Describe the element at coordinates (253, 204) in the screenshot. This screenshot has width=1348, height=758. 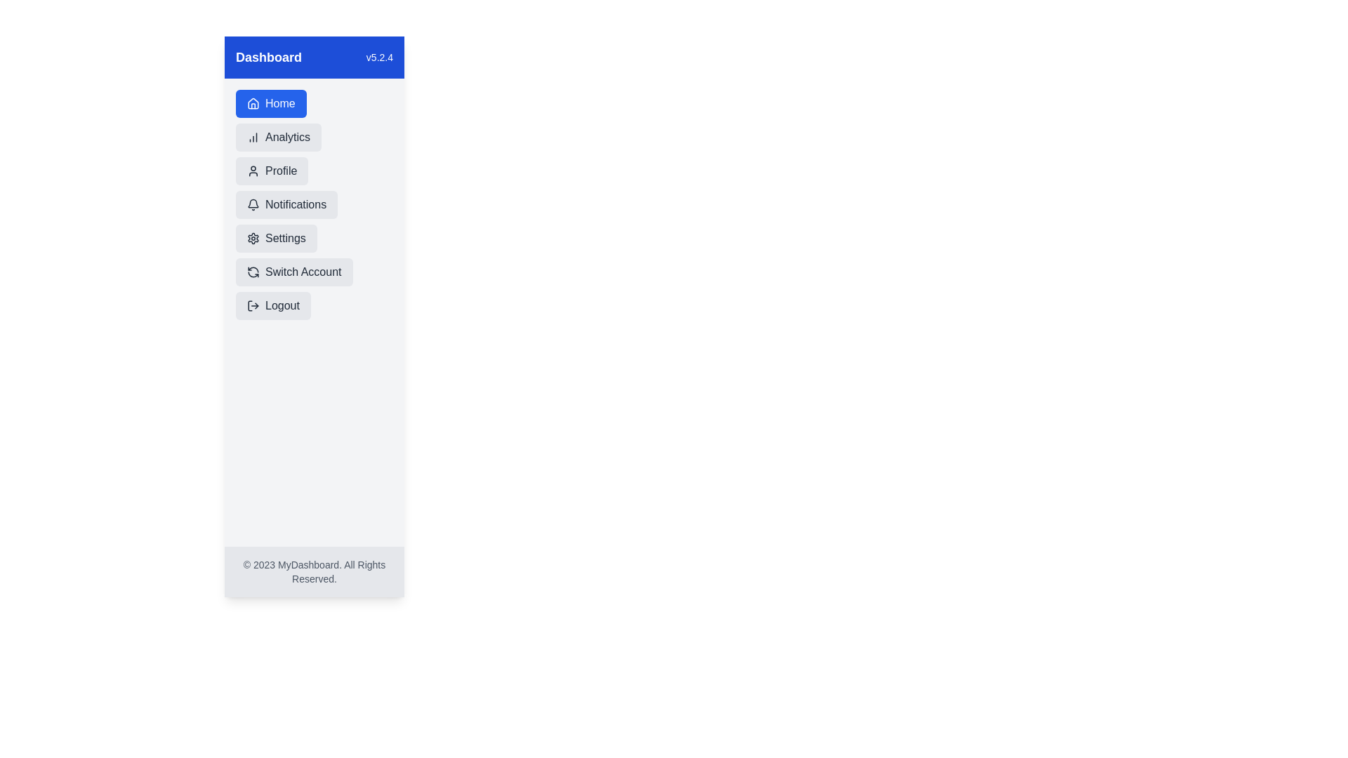
I see `the bell icon located fourth from the top in the vertical navigation menu` at that location.